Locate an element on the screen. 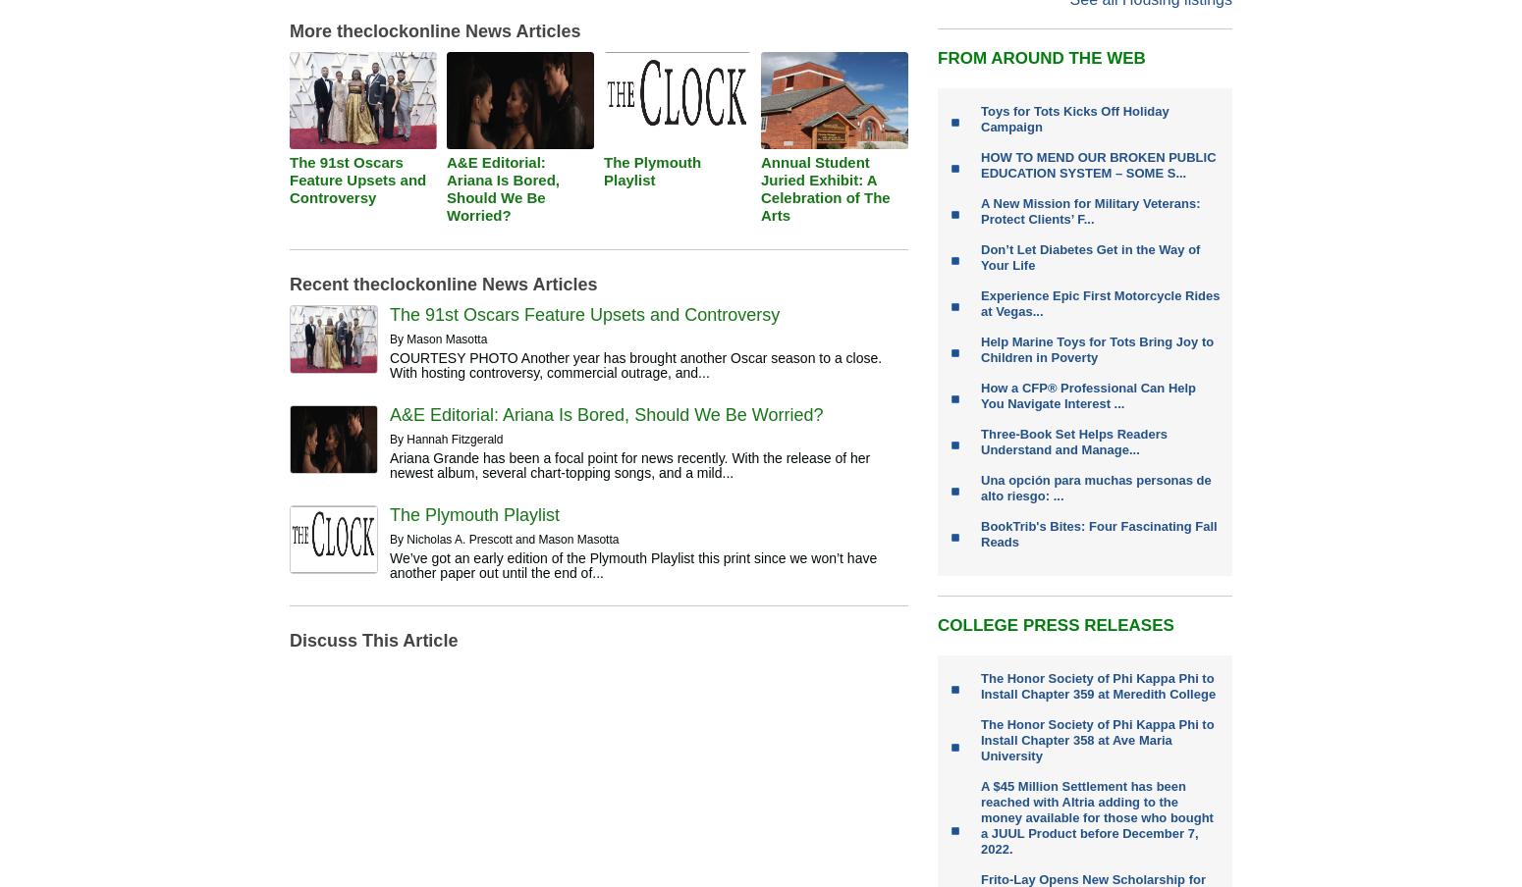 The image size is (1522, 887). 'By Hannah Fitzgerald' is located at coordinates (446, 439).